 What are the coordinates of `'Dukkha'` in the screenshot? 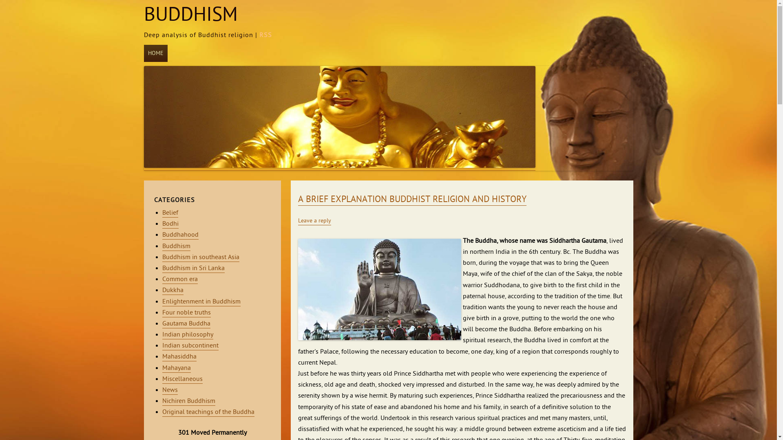 It's located at (172, 290).